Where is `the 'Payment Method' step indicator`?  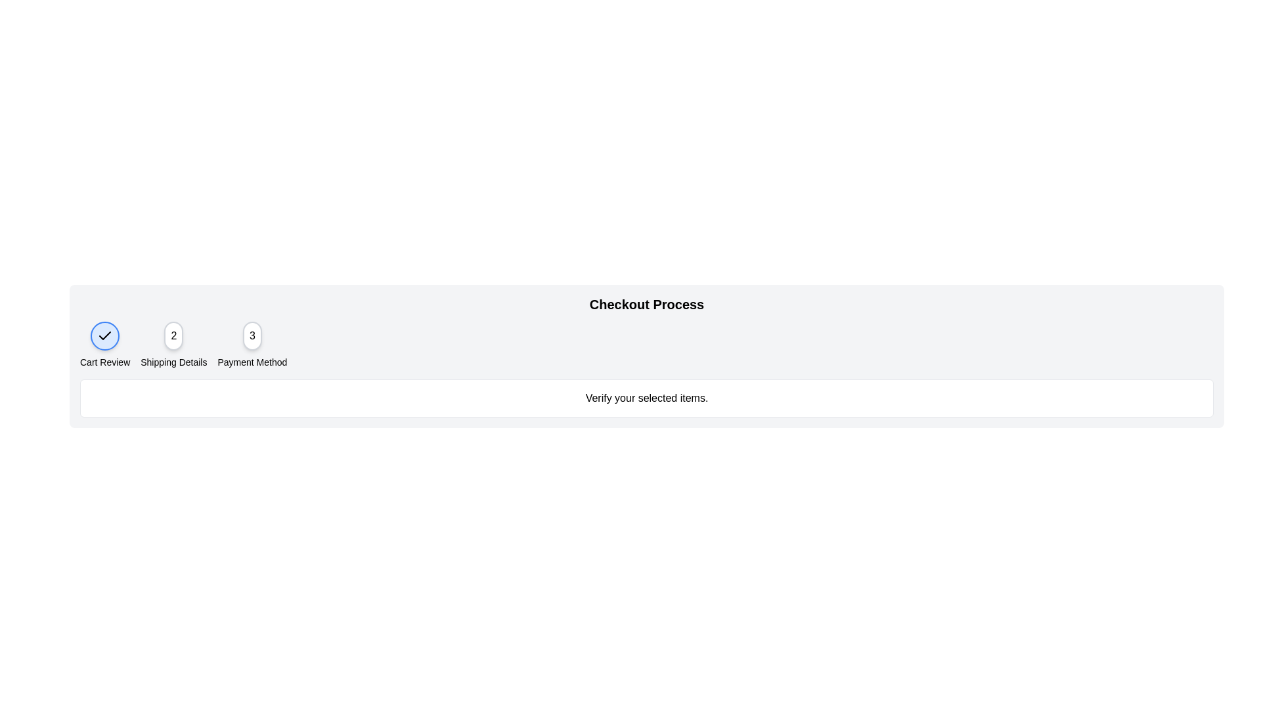
the 'Payment Method' step indicator is located at coordinates (252, 344).